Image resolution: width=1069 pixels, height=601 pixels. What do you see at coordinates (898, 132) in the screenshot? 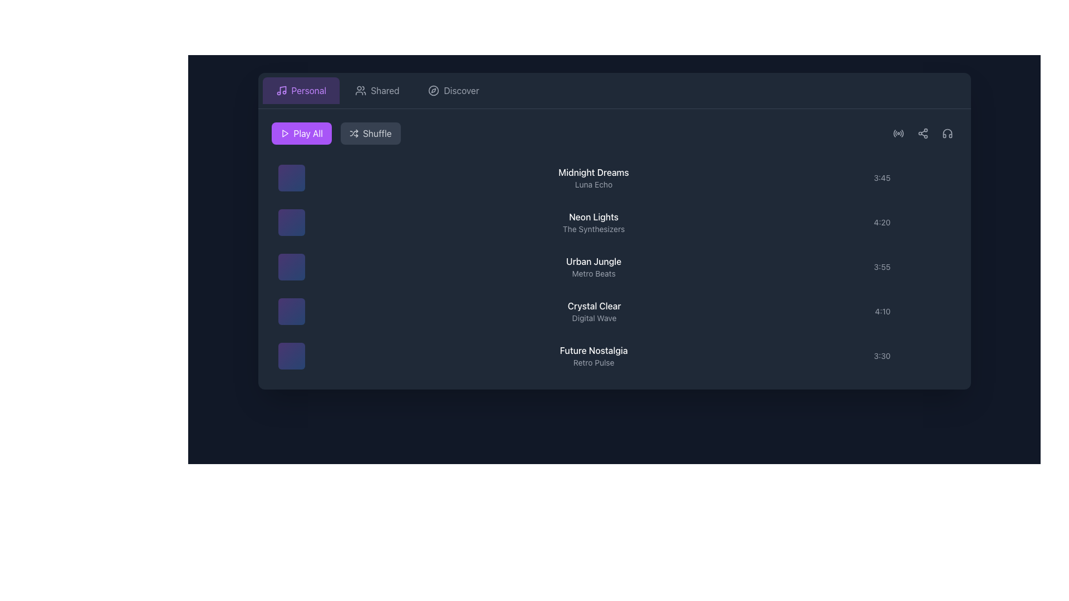
I see `the broadcasting button located in the upper-right corner of the interface to change its color` at bounding box center [898, 132].